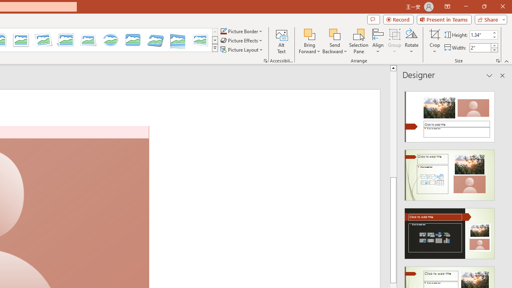 The height and width of the screenshot is (288, 512). I want to click on 'Bring Forward', so click(309, 34).